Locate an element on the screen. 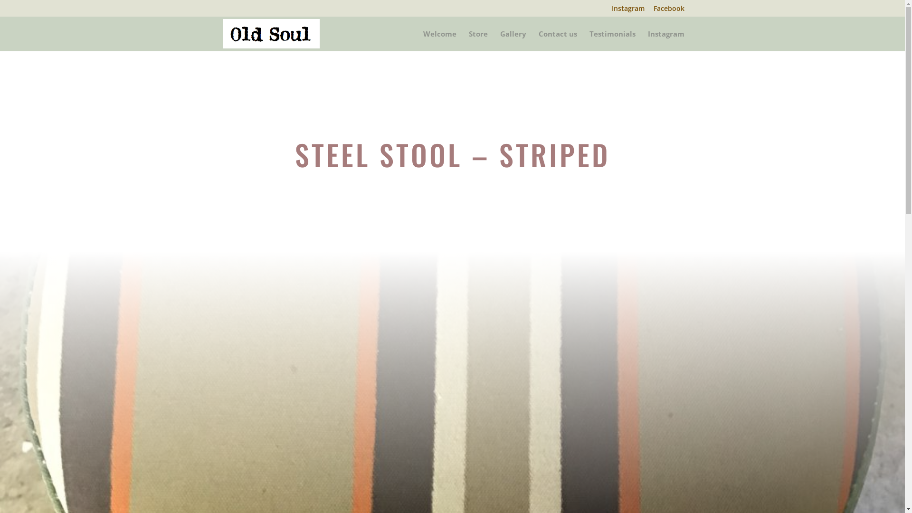 The width and height of the screenshot is (912, 513). 'Testimonials' is located at coordinates (612, 40).